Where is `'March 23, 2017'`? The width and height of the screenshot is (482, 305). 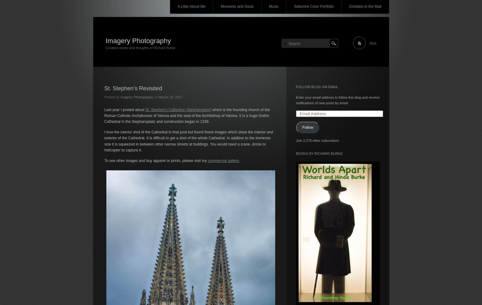 'March 23, 2017' is located at coordinates (171, 97).